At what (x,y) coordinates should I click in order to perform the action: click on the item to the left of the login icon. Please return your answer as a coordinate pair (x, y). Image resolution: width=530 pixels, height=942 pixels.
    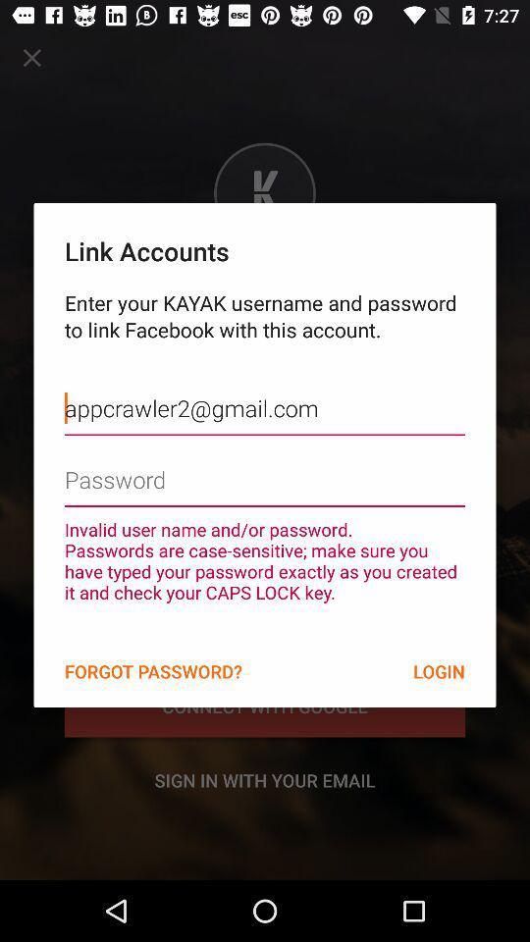
    Looking at the image, I should click on (152, 671).